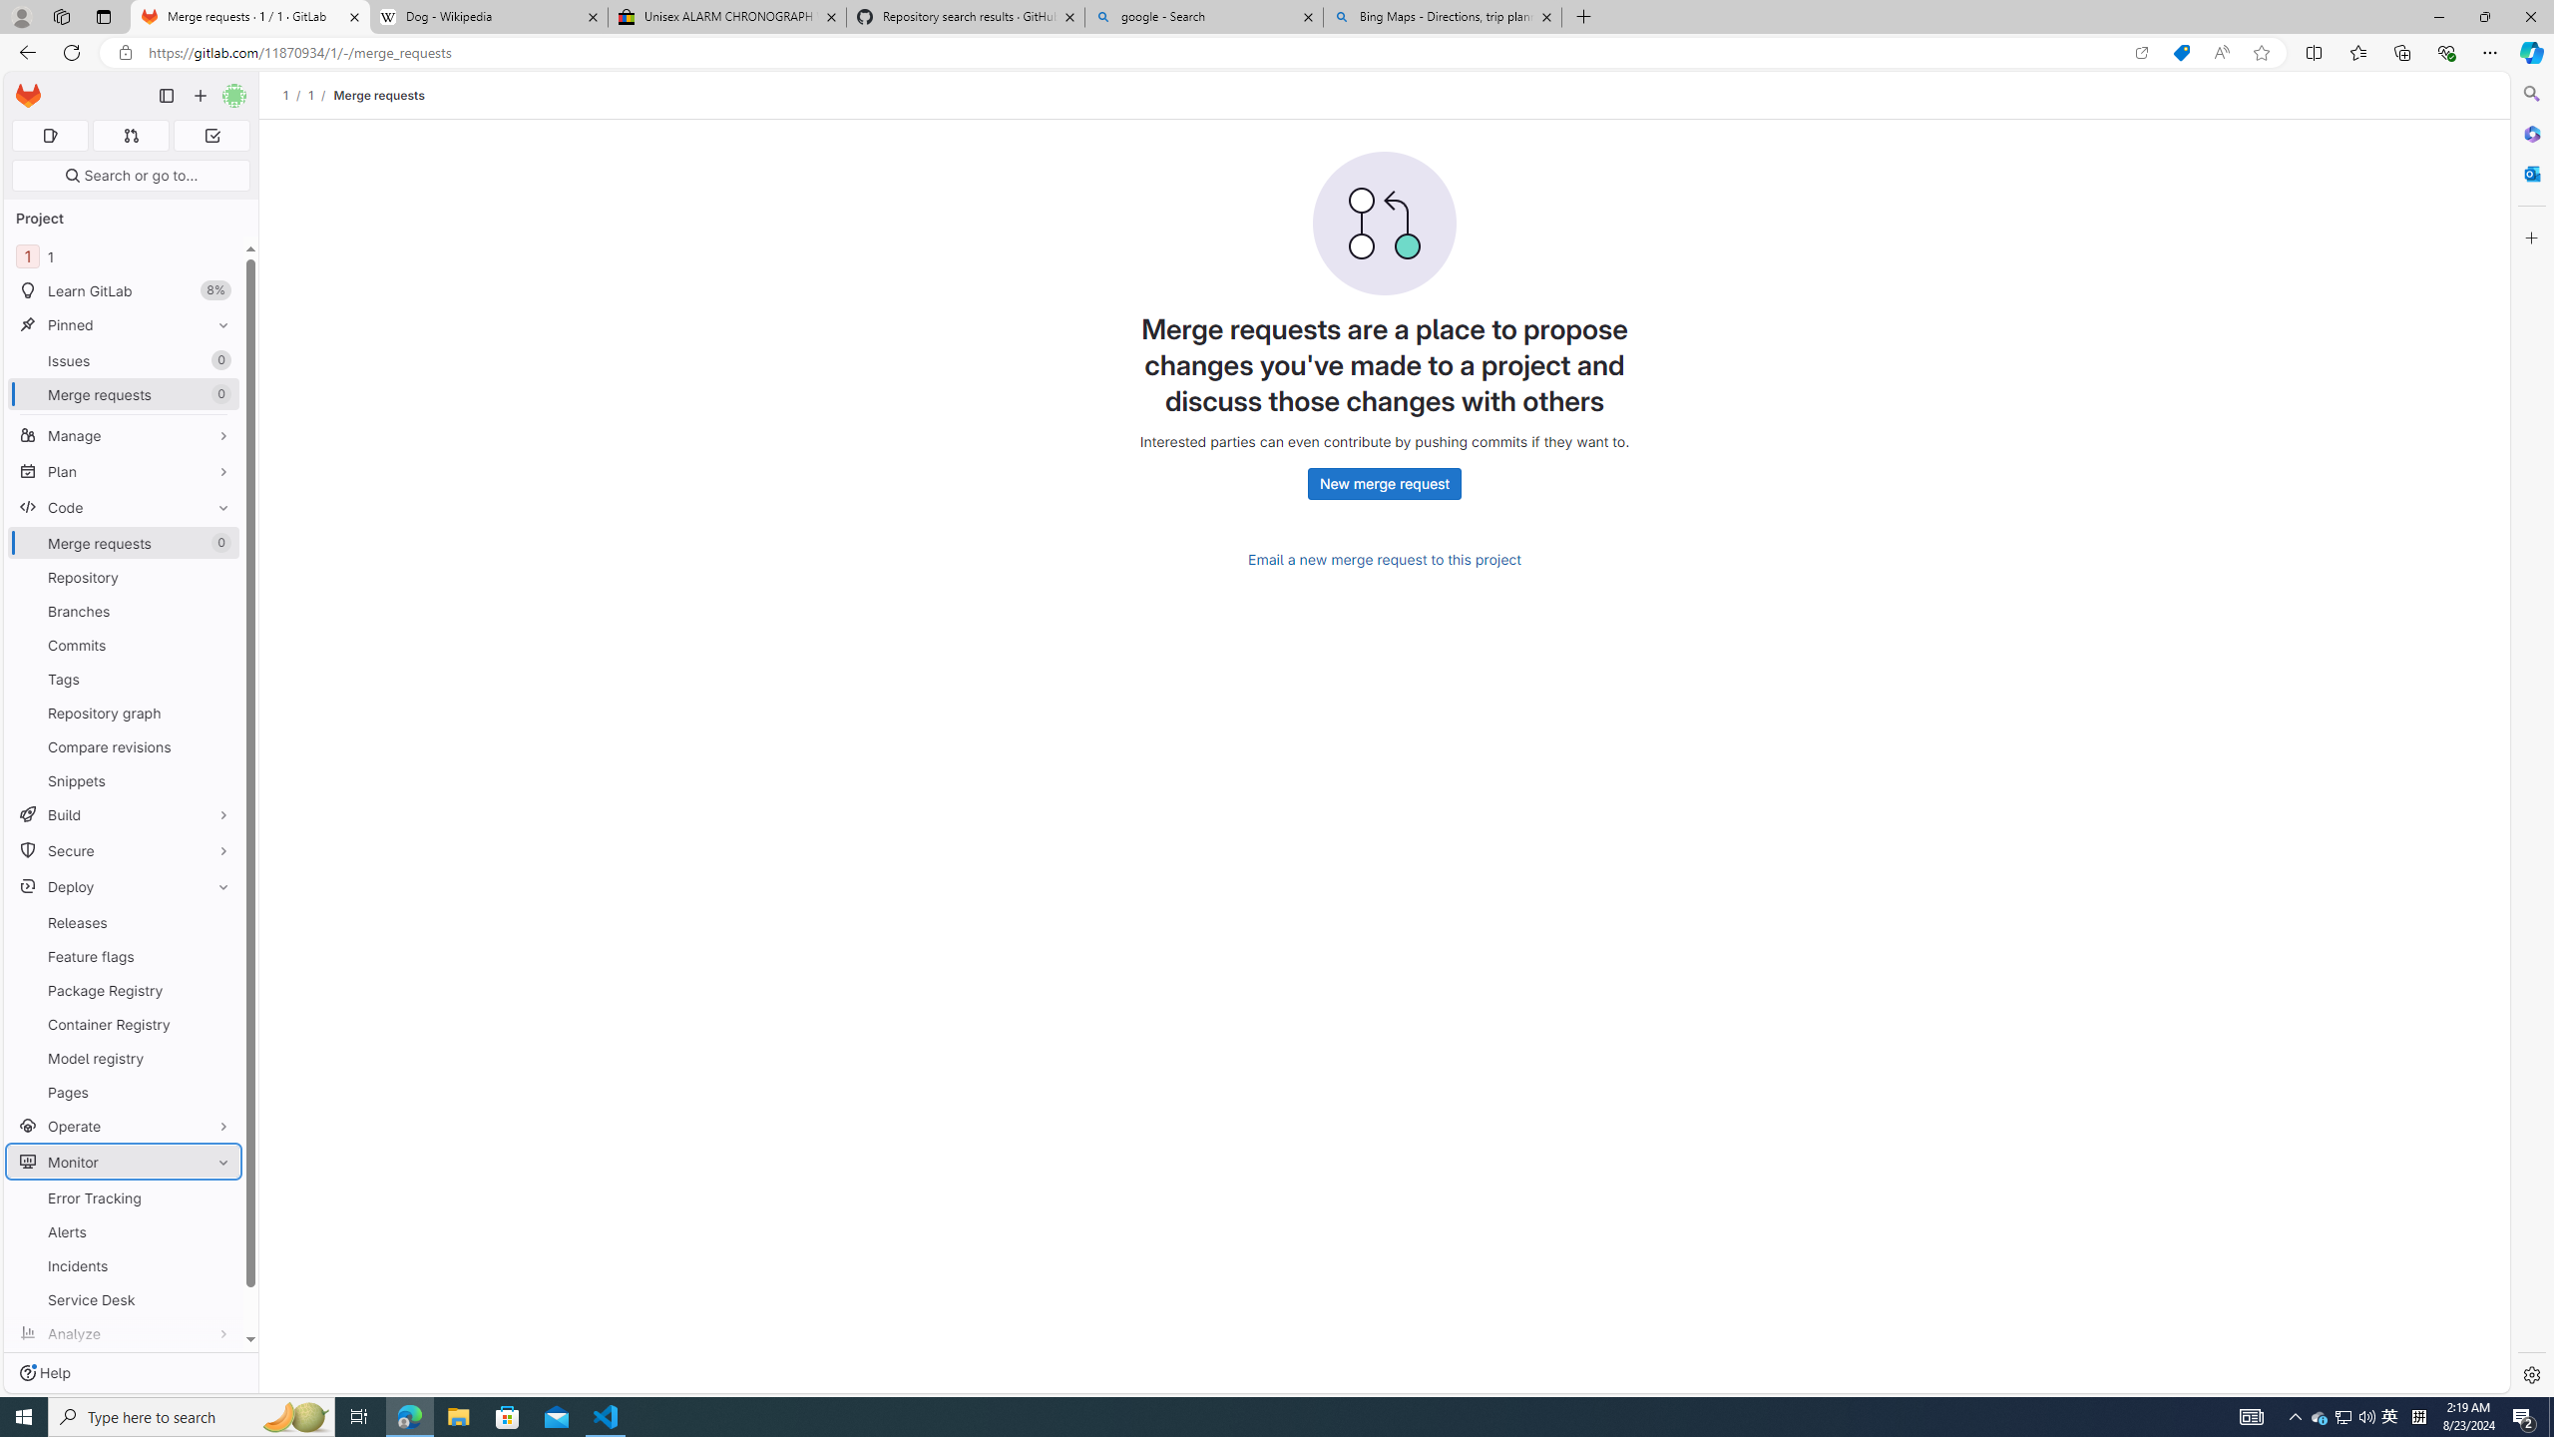 Image resolution: width=2554 pixels, height=1437 pixels. Describe the element at coordinates (50, 135) in the screenshot. I see `'Assigned issues 0'` at that location.